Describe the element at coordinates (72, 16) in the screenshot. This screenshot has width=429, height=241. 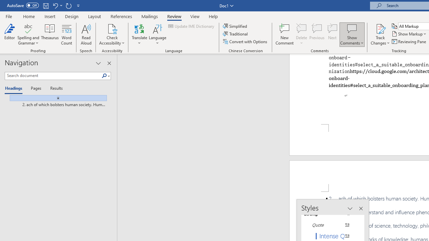
I see `'Design'` at that location.